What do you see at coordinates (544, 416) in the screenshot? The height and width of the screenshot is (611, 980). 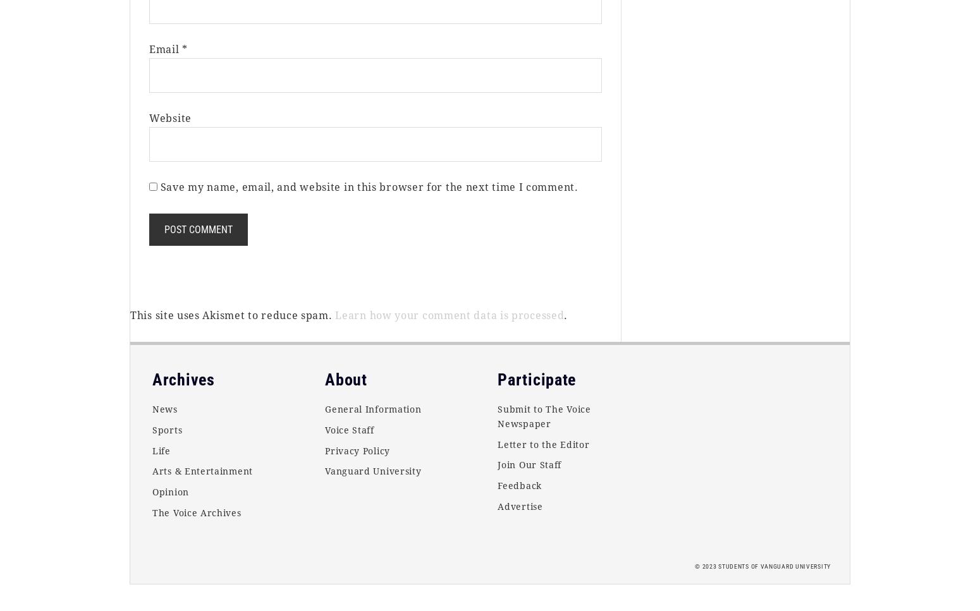 I see `'Submit to The Voice Newspaper'` at bounding box center [544, 416].